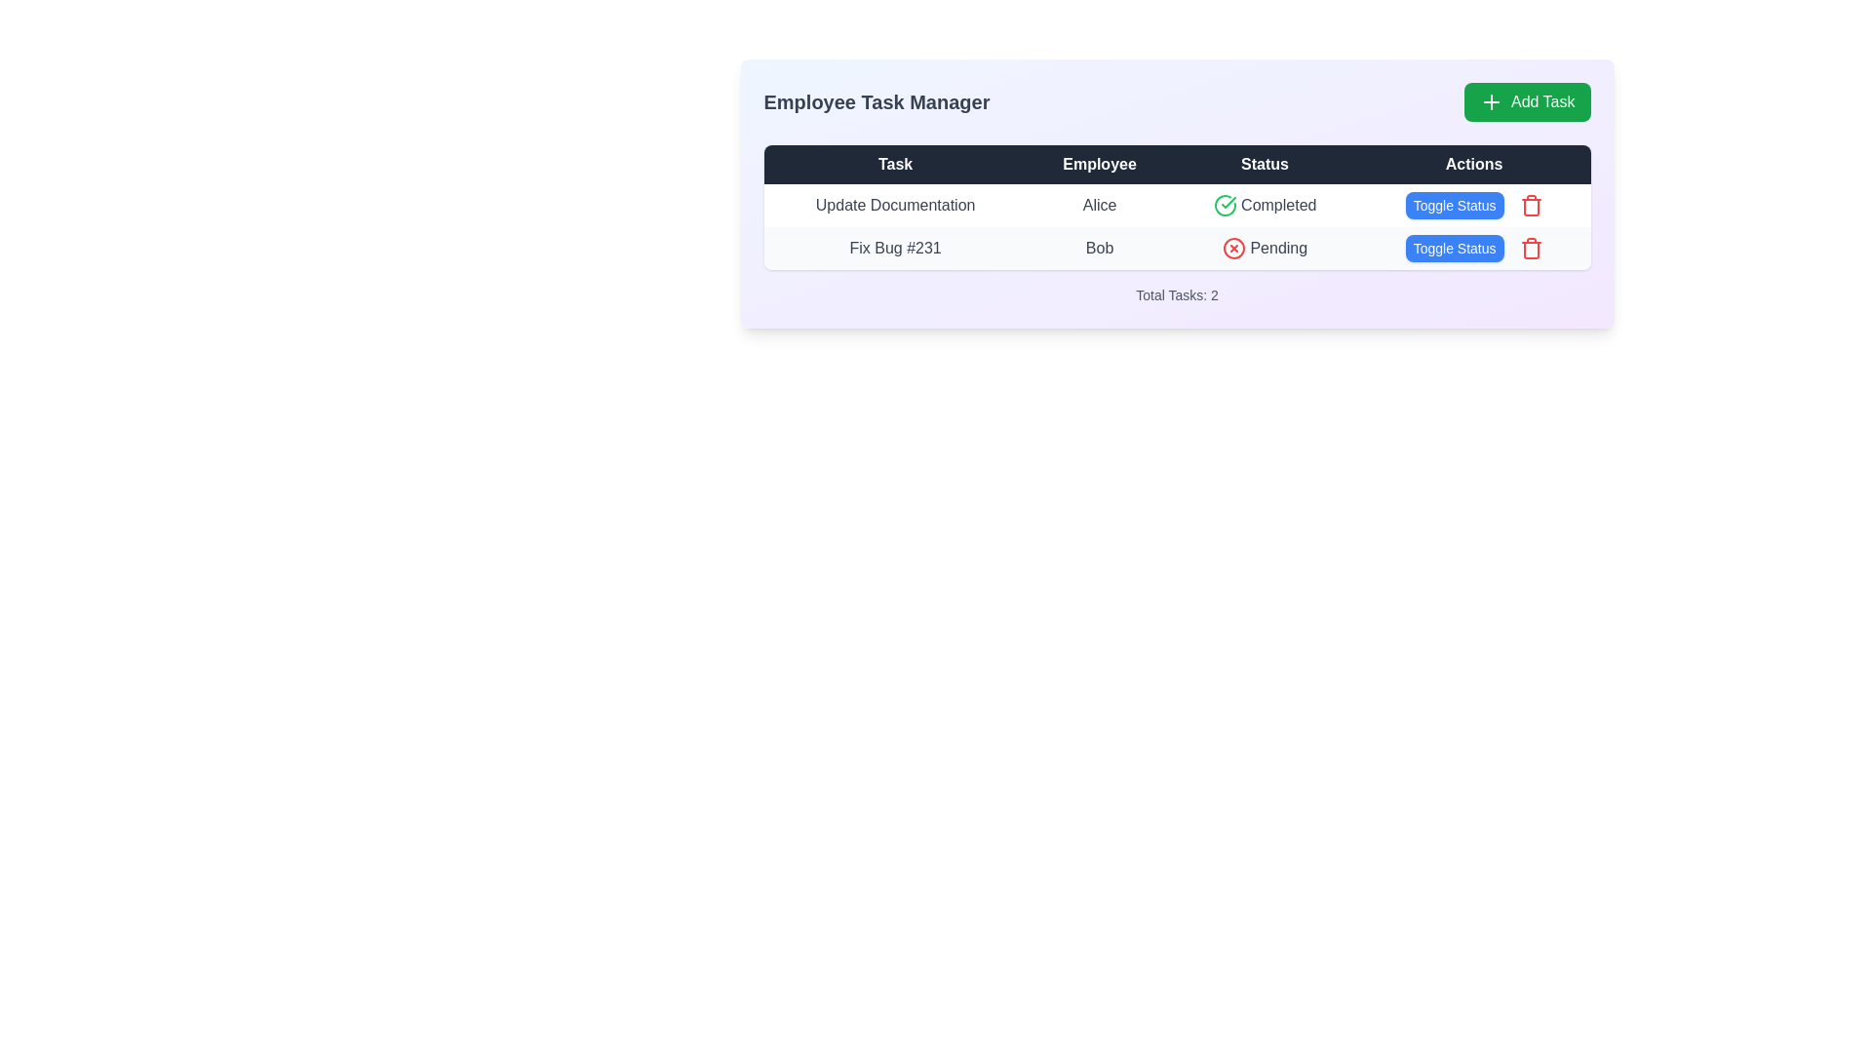 This screenshot has width=1872, height=1053. Describe the element at coordinates (1455, 247) in the screenshot. I see `the blue 'Toggle Status' button with white text, located in the 'Actions' column of the second row` at that location.